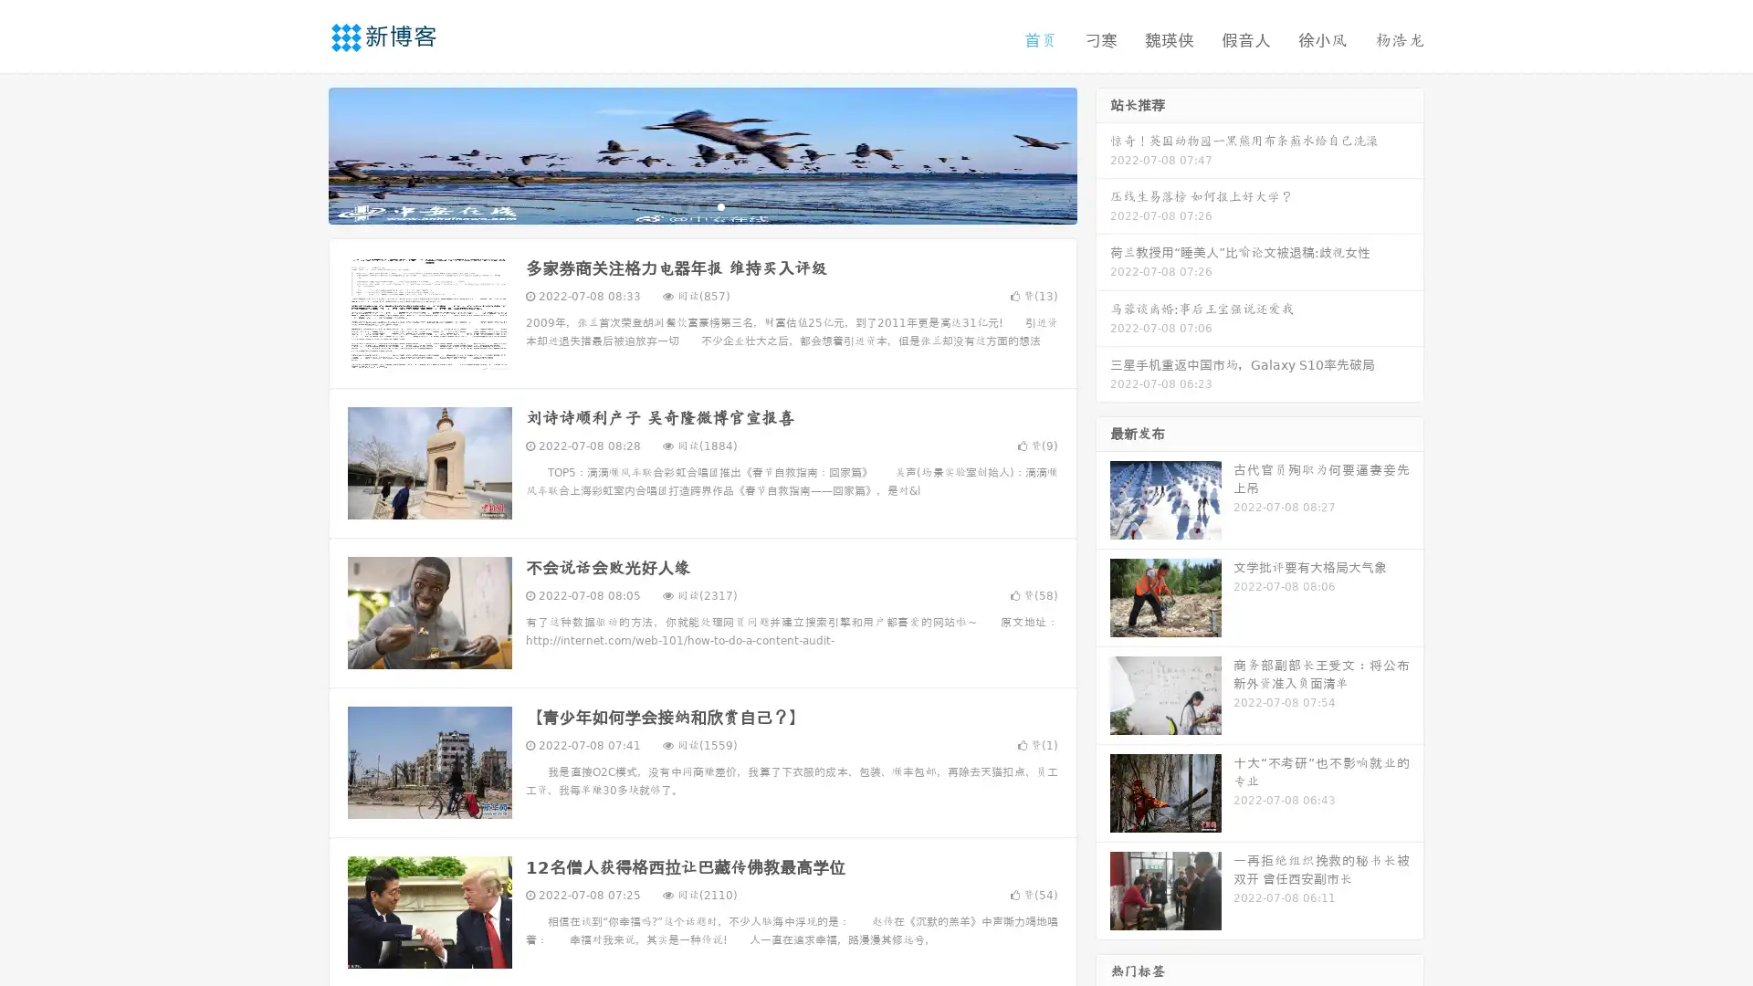 This screenshot has width=1753, height=986. I want to click on Next slide, so click(1103, 153).